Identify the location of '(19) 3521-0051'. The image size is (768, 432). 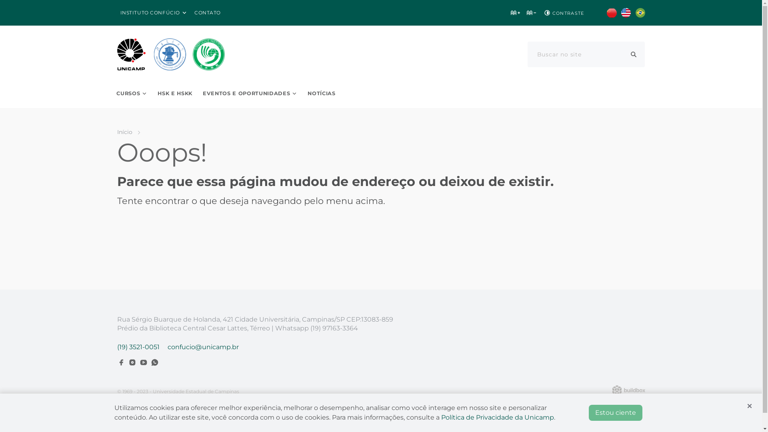
(138, 346).